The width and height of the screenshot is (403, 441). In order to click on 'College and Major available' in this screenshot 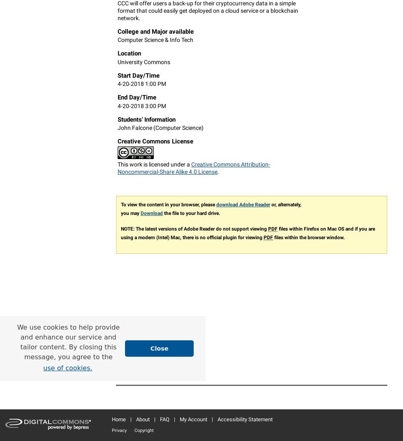, I will do `click(155, 31)`.